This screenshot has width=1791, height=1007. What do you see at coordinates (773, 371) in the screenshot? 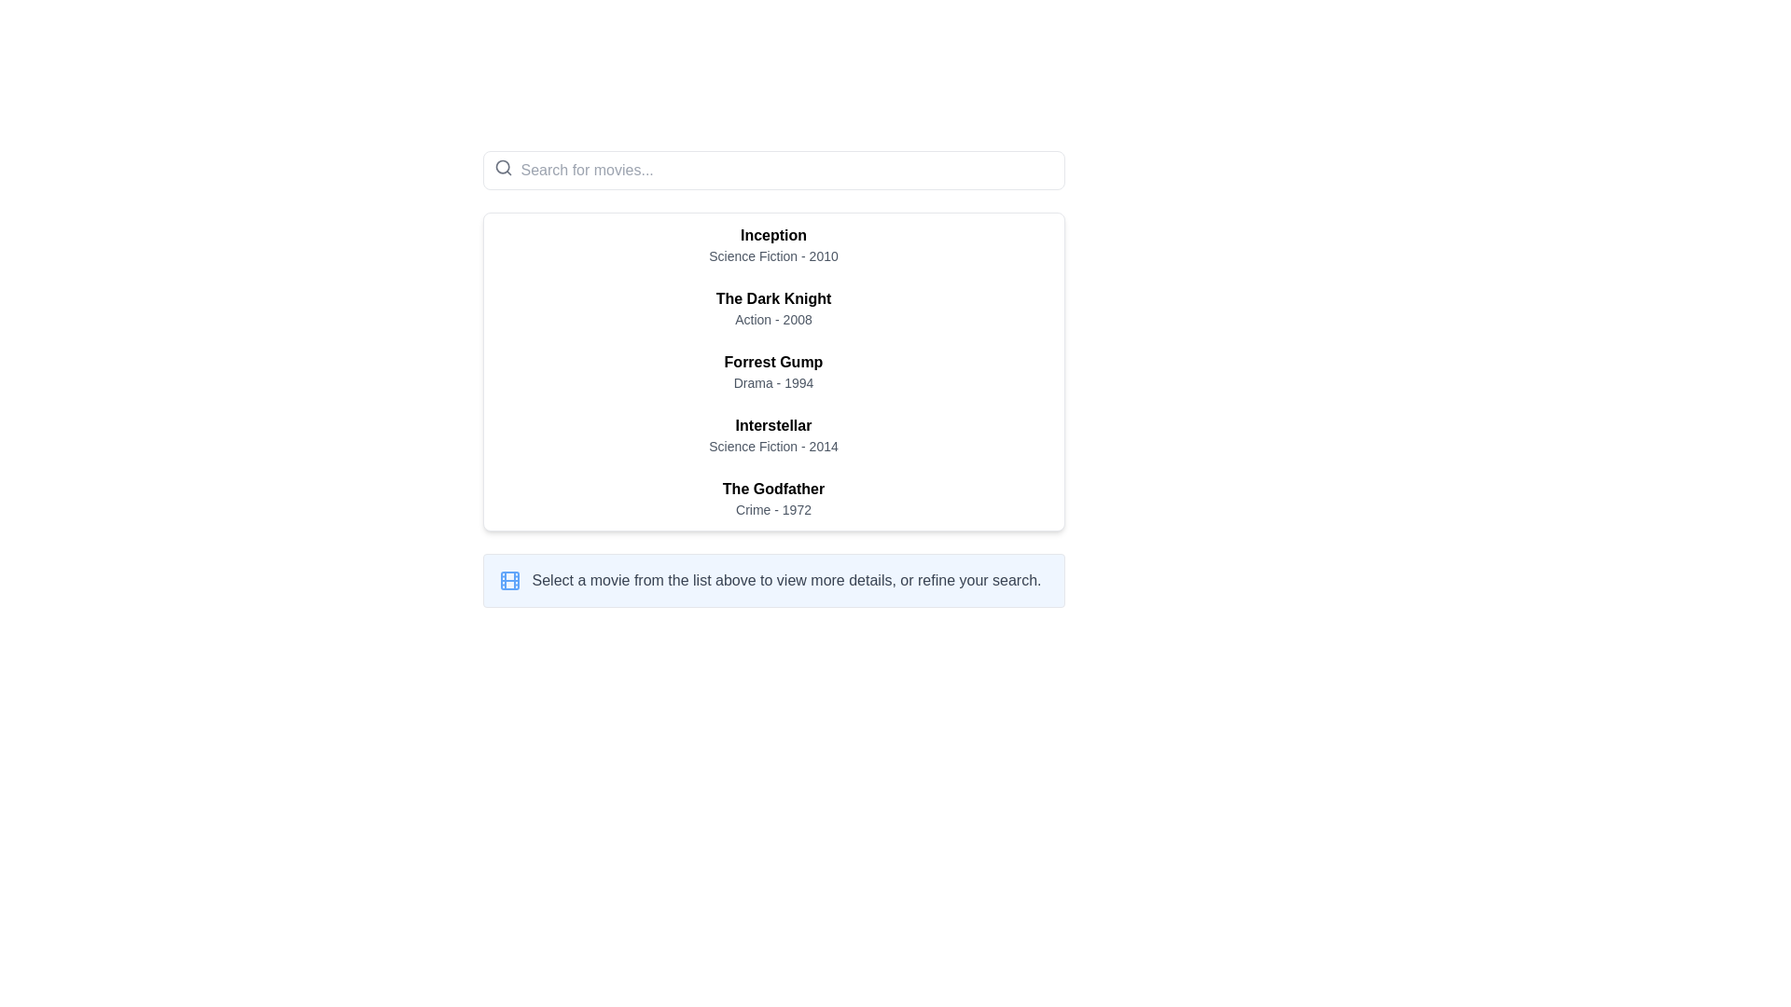
I see `the third entry in the vertical movie list that displays information about the movie 'Forrest Gump'` at bounding box center [773, 371].